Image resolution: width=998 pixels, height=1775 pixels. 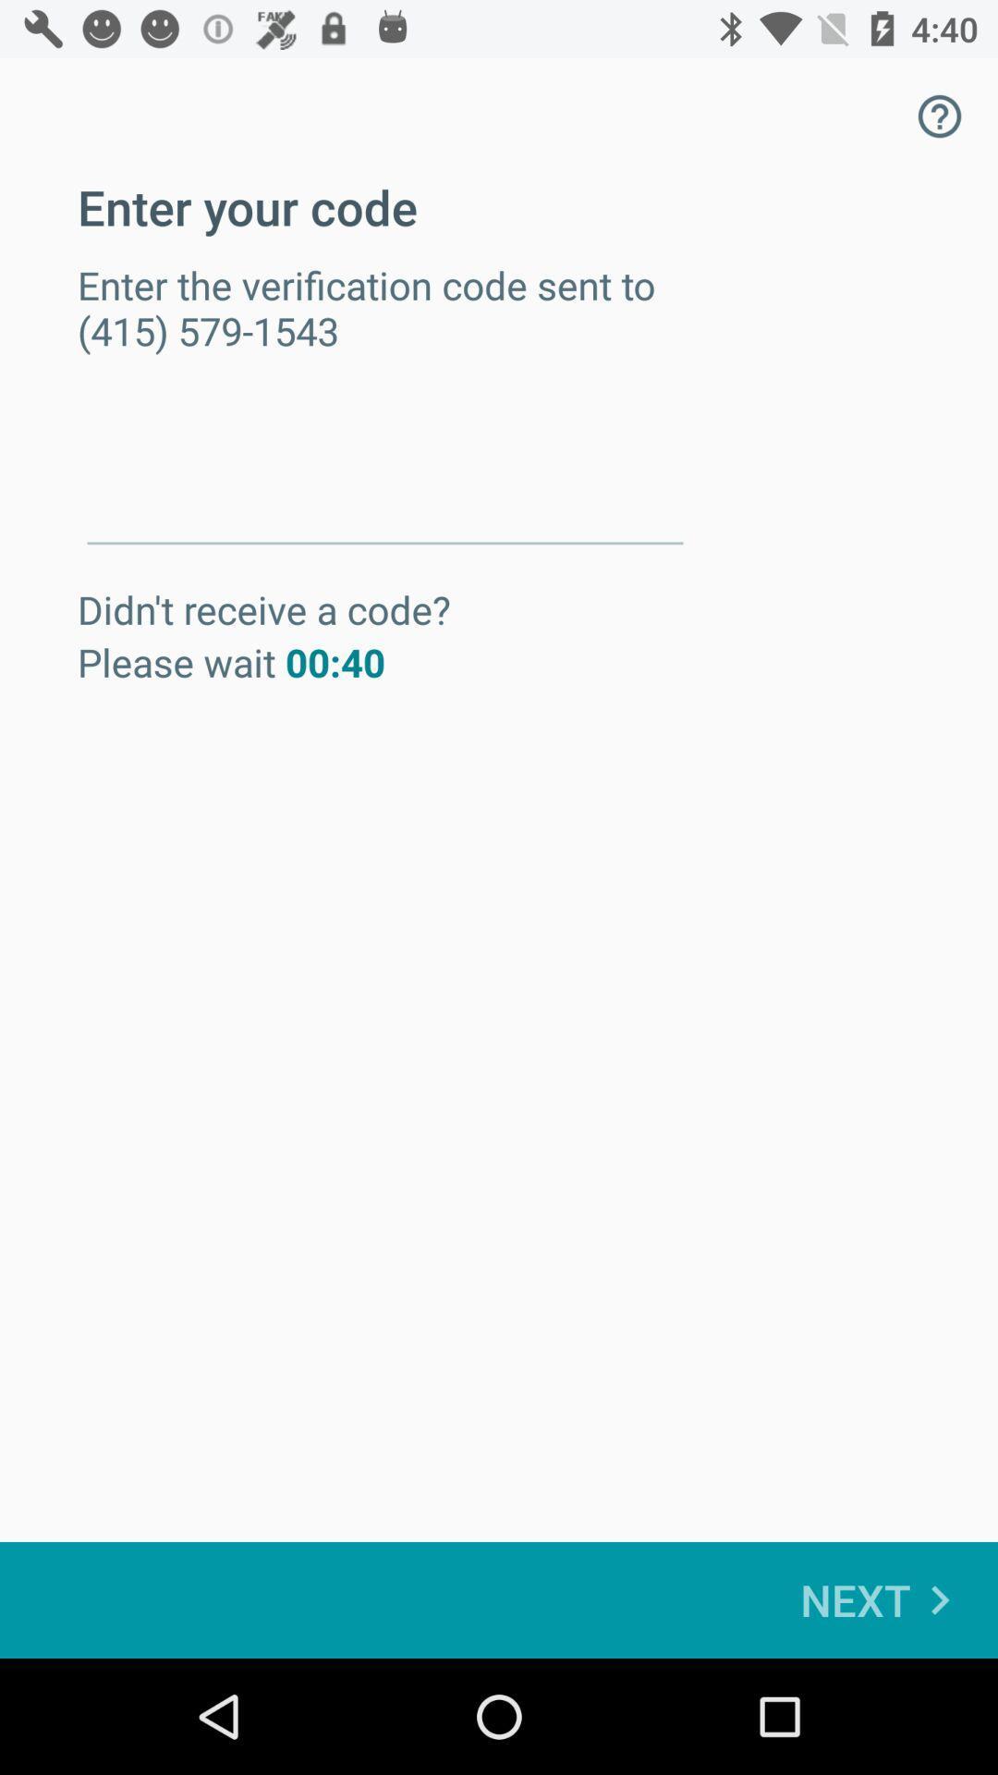 What do you see at coordinates (940, 115) in the screenshot?
I see `the icon next to enter your code` at bounding box center [940, 115].